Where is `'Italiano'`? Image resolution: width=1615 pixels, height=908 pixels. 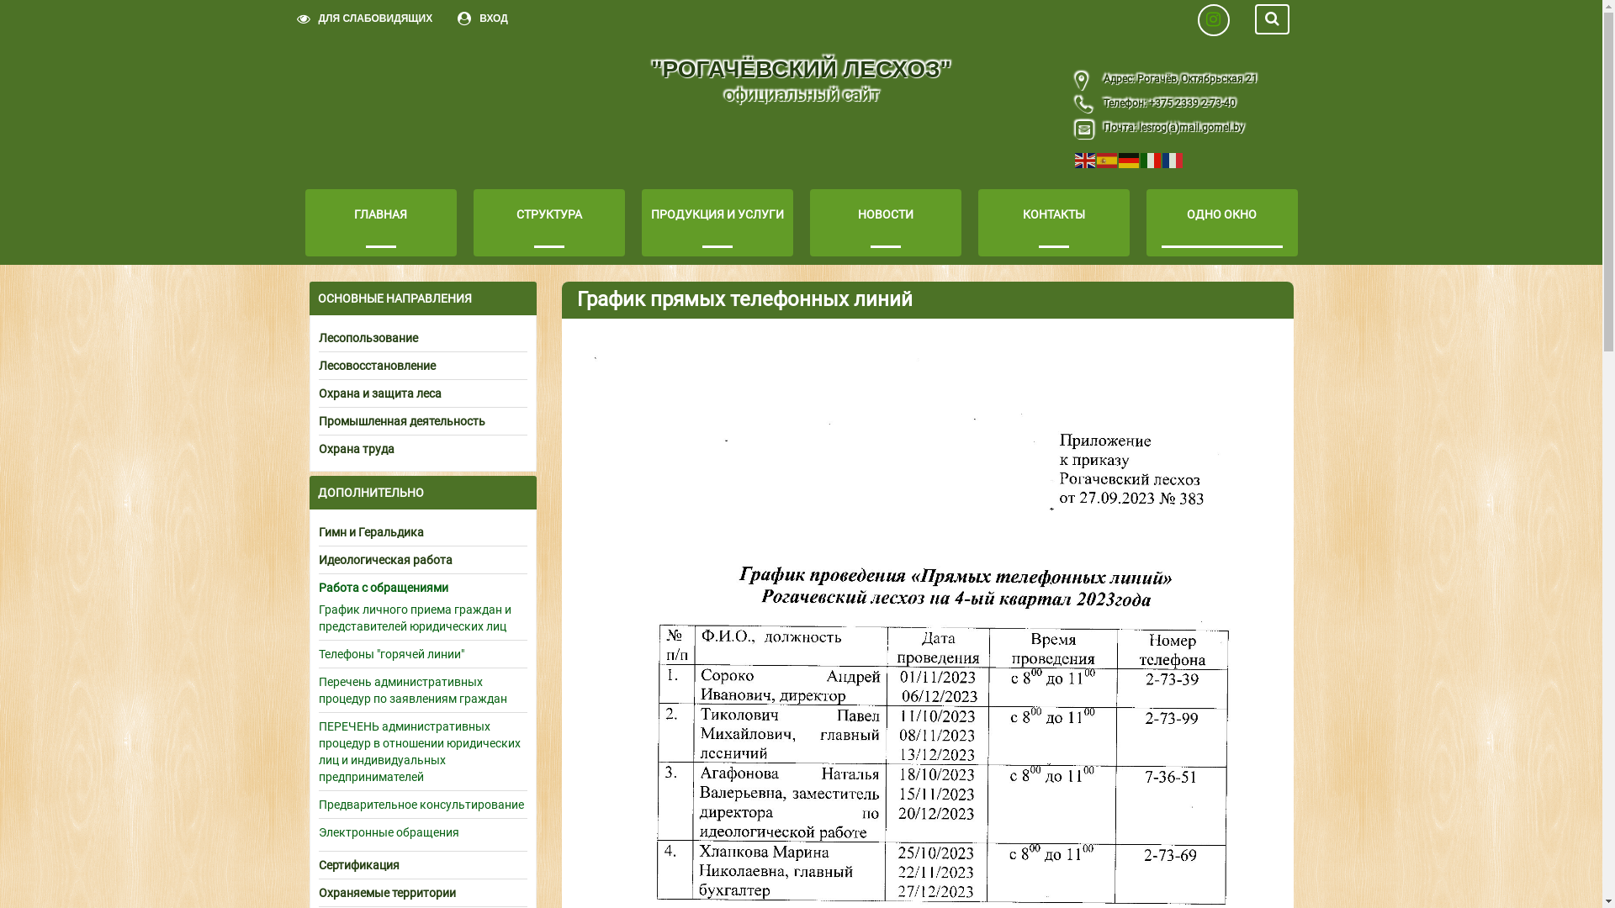
'Italiano' is located at coordinates (1150, 159).